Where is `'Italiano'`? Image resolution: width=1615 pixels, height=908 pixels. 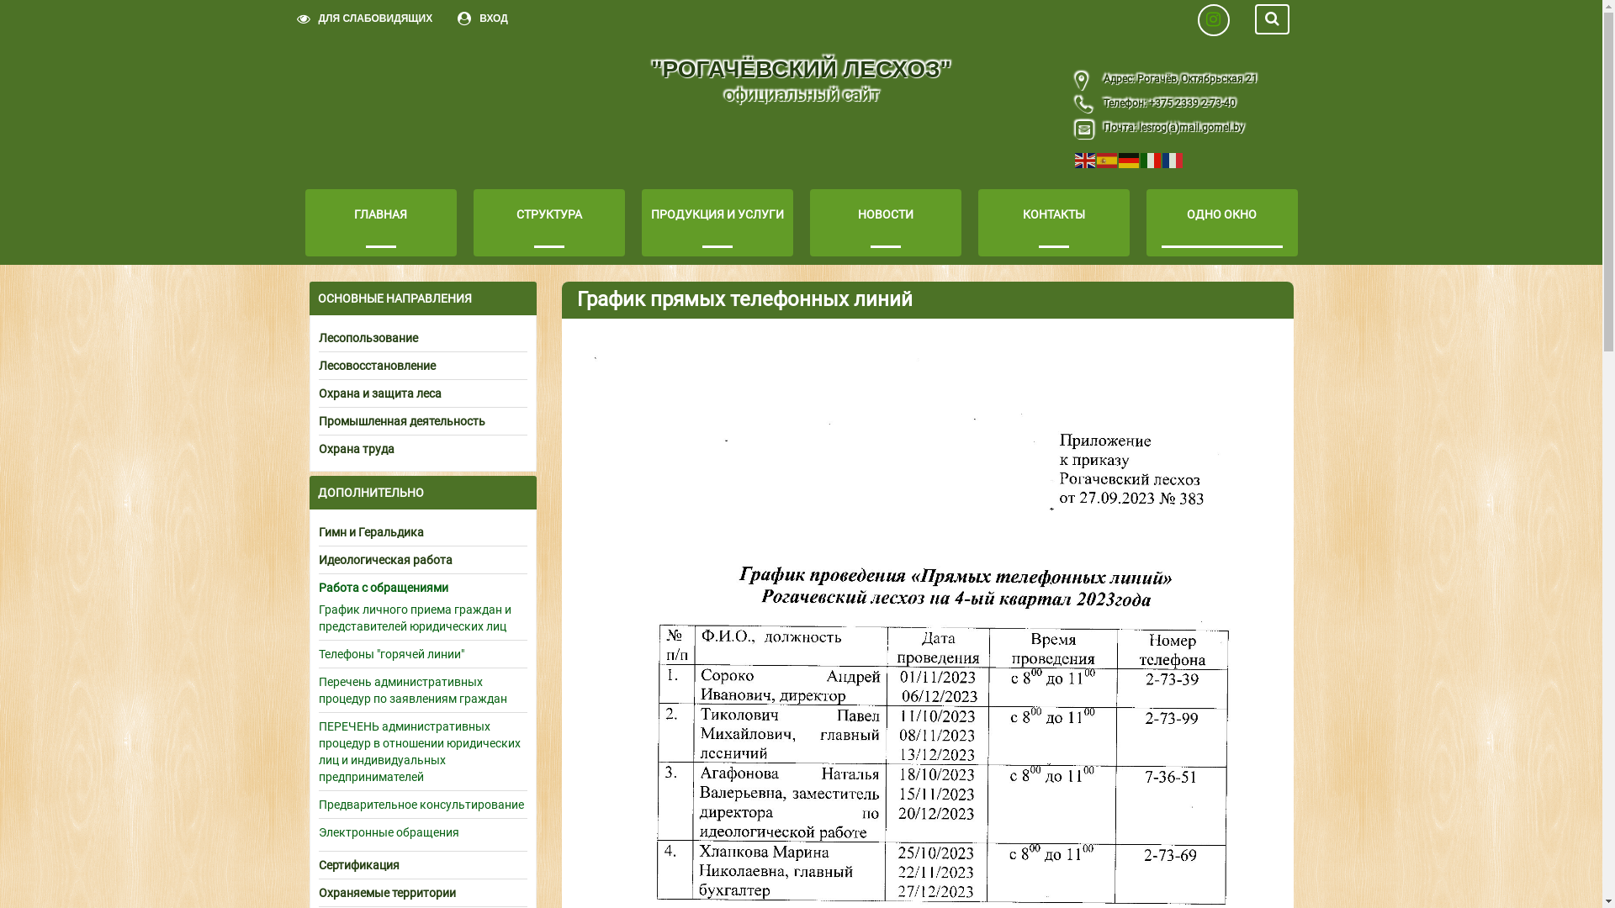
'Italiano' is located at coordinates (1150, 159).